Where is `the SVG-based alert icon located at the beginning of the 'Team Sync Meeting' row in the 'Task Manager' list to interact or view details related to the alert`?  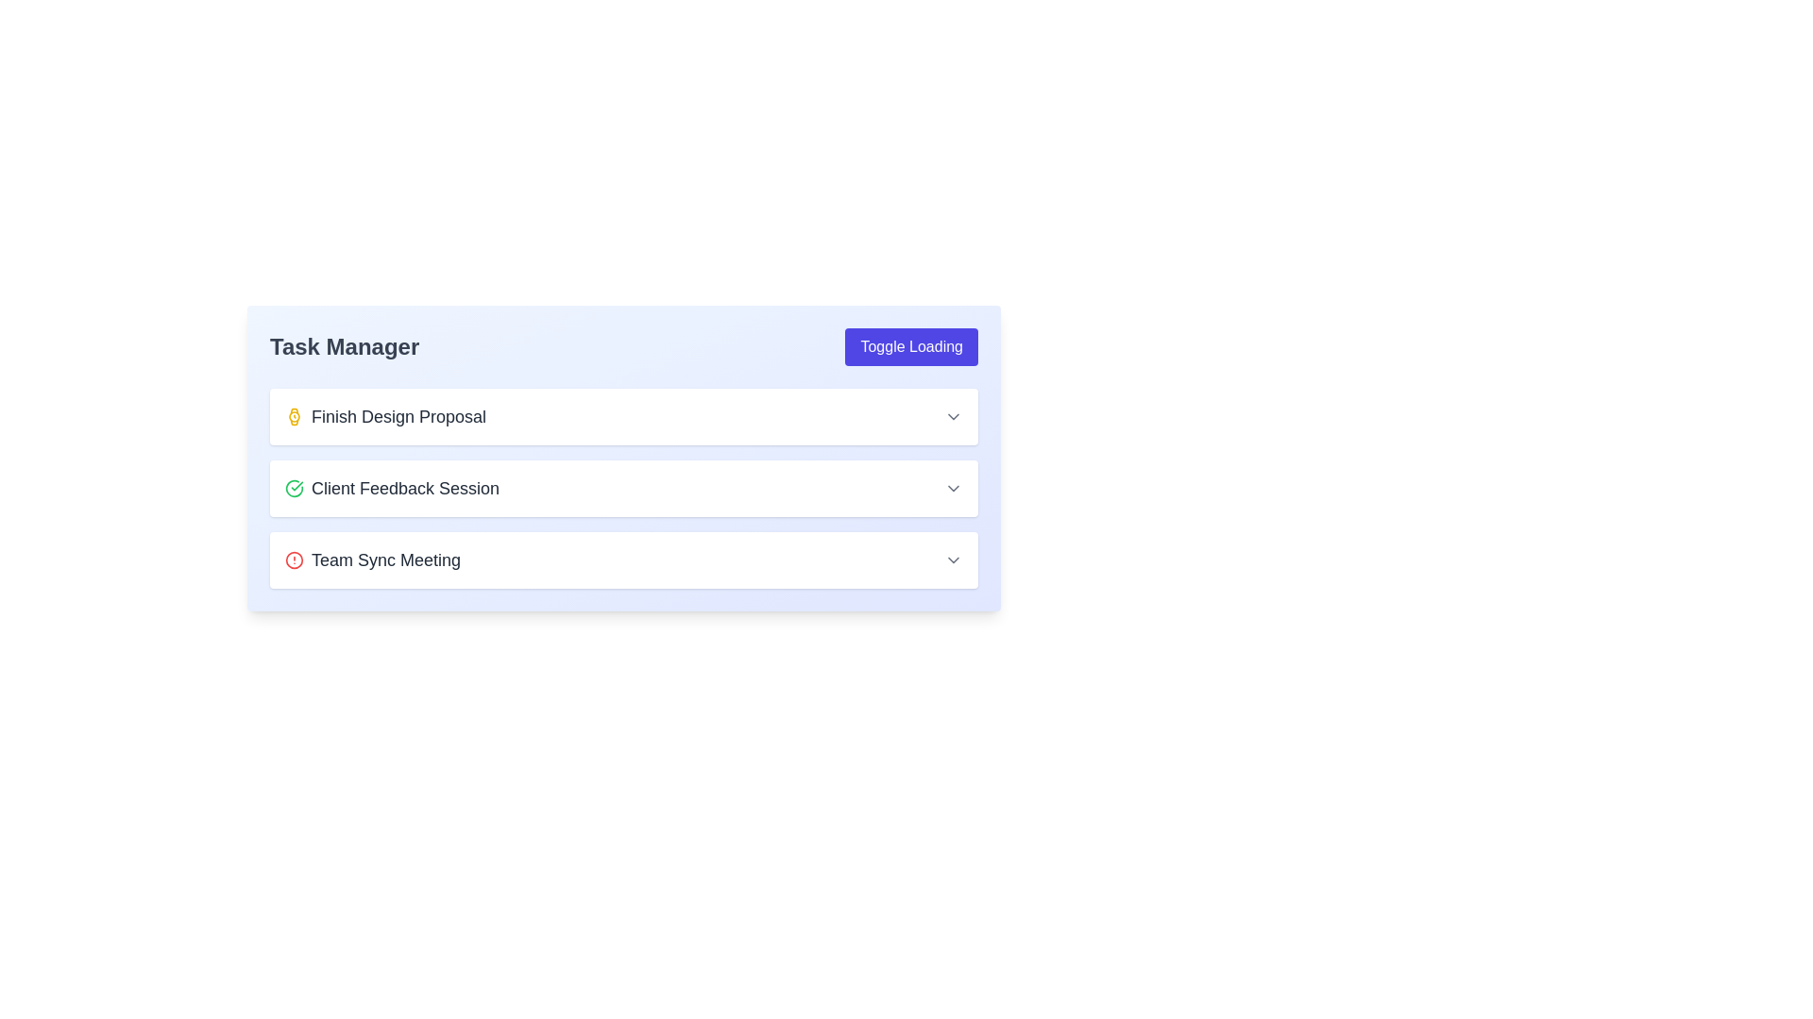
the SVG-based alert icon located at the beginning of the 'Team Sync Meeting' row in the 'Task Manager' list to interact or view details related to the alert is located at coordinates (294, 560).